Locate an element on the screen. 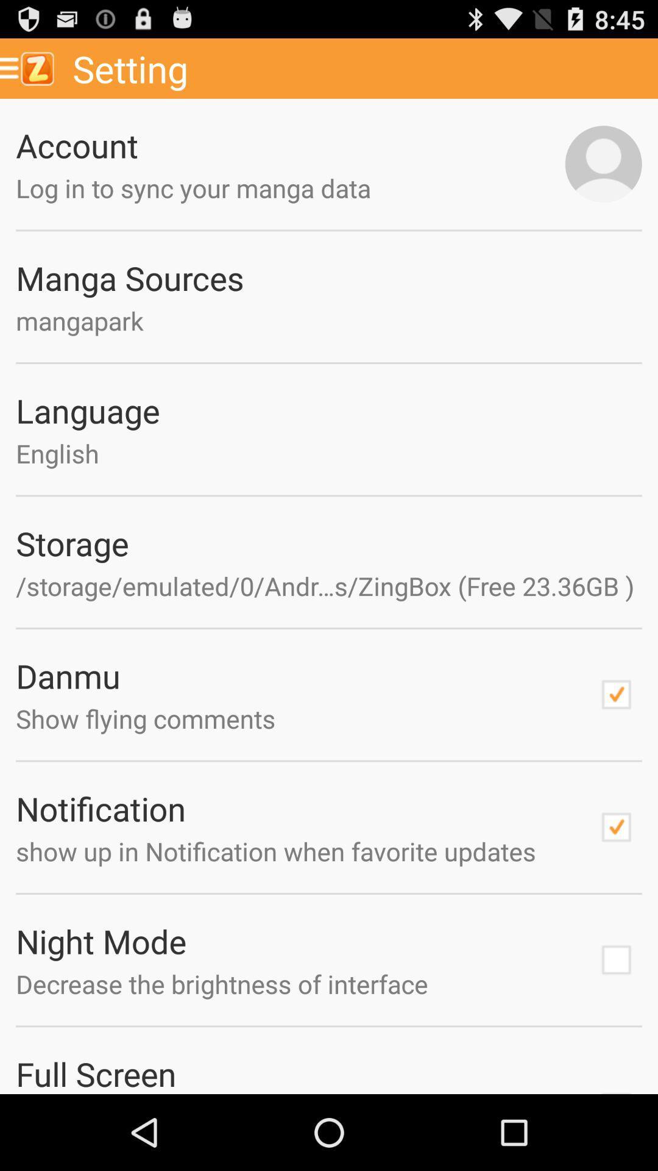 The width and height of the screenshot is (658, 1171). check option is located at coordinates (616, 827).